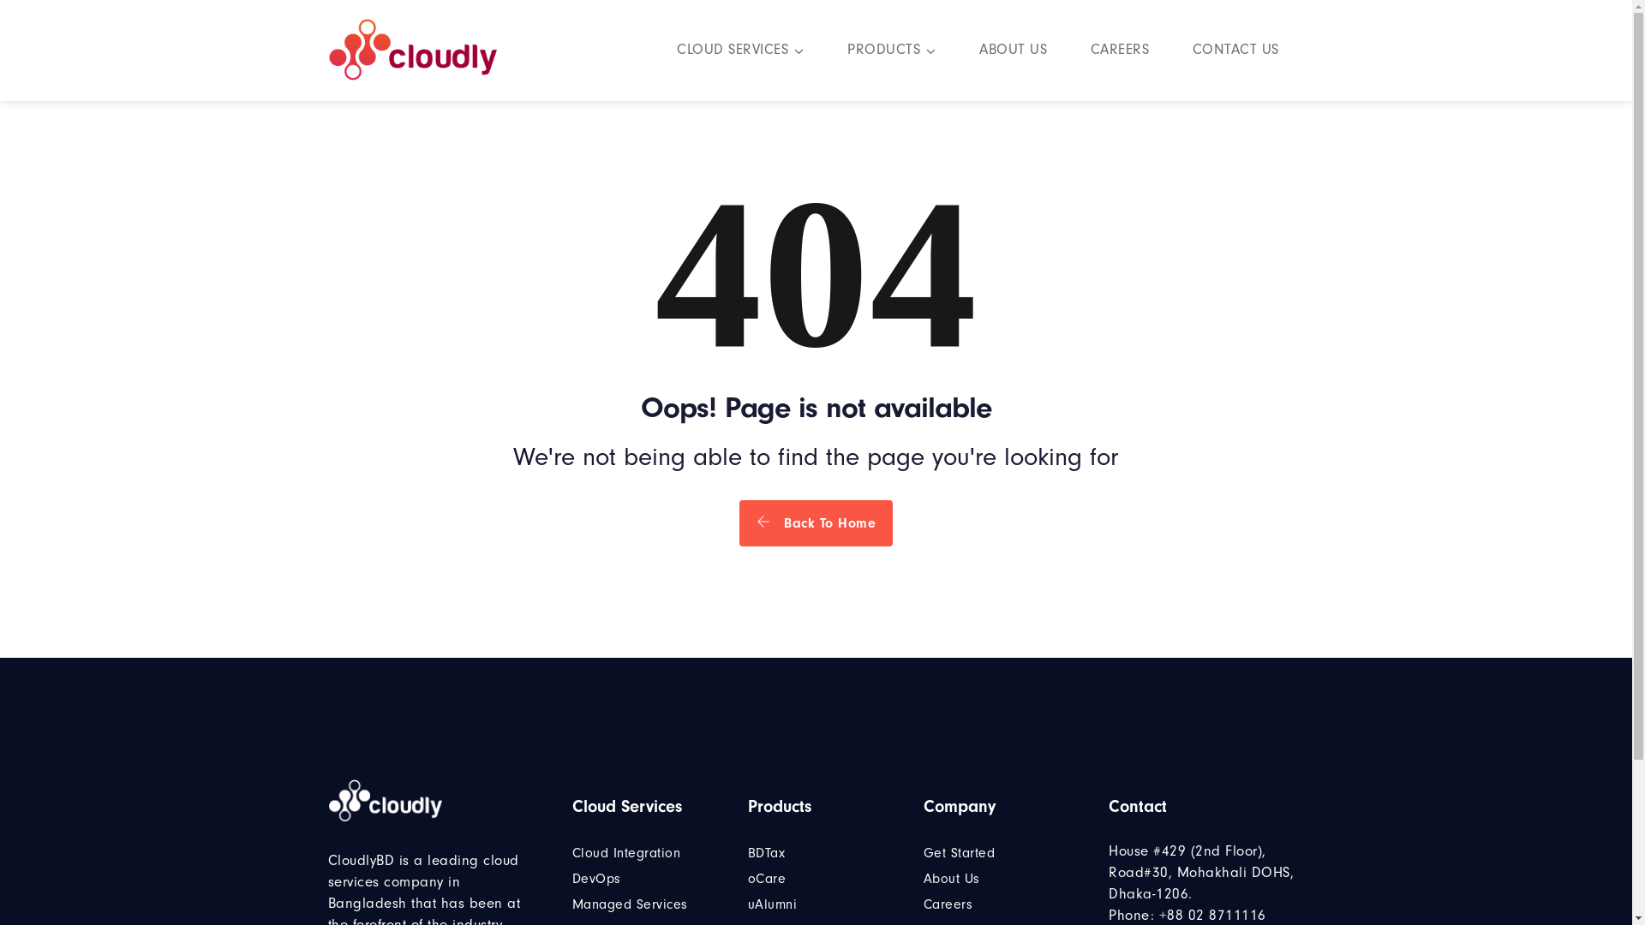  Describe the element at coordinates (923, 904) in the screenshot. I see `'Careers'` at that location.